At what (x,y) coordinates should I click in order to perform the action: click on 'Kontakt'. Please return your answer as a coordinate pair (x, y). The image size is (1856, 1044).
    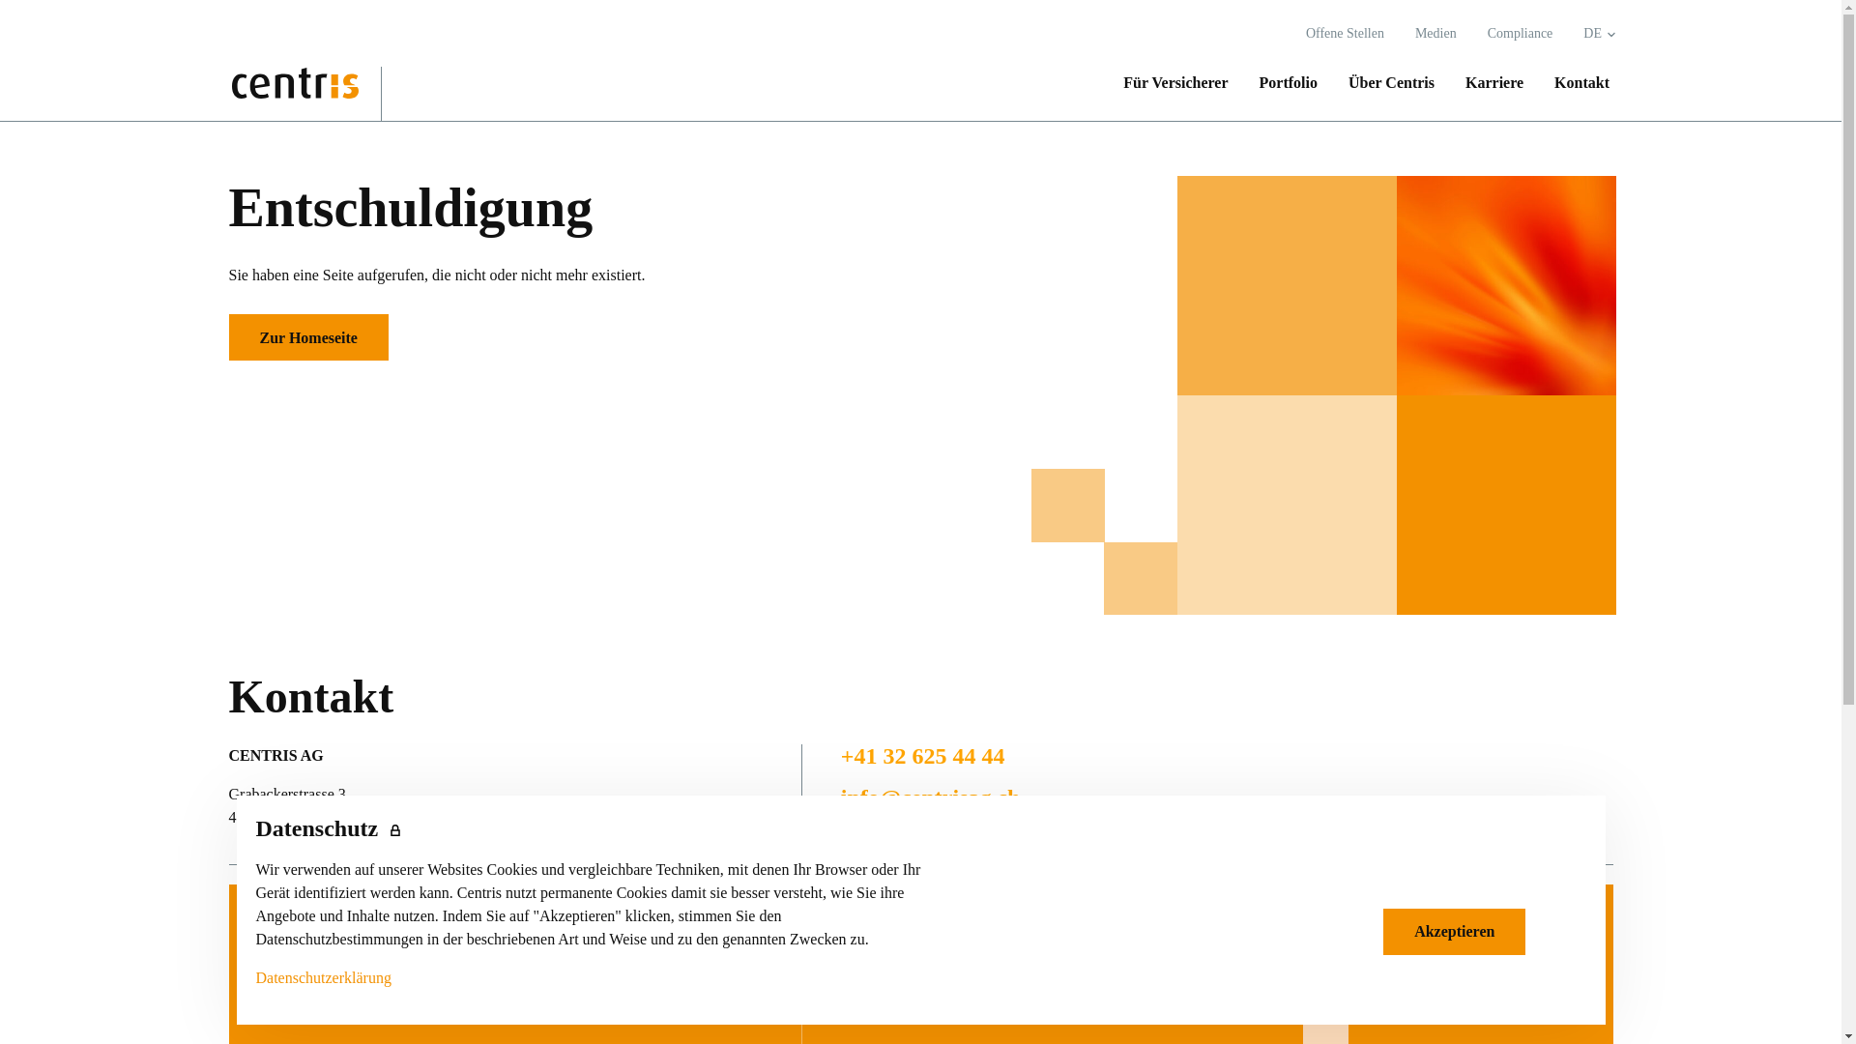
    Looking at the image, I should click on (1538, 81).